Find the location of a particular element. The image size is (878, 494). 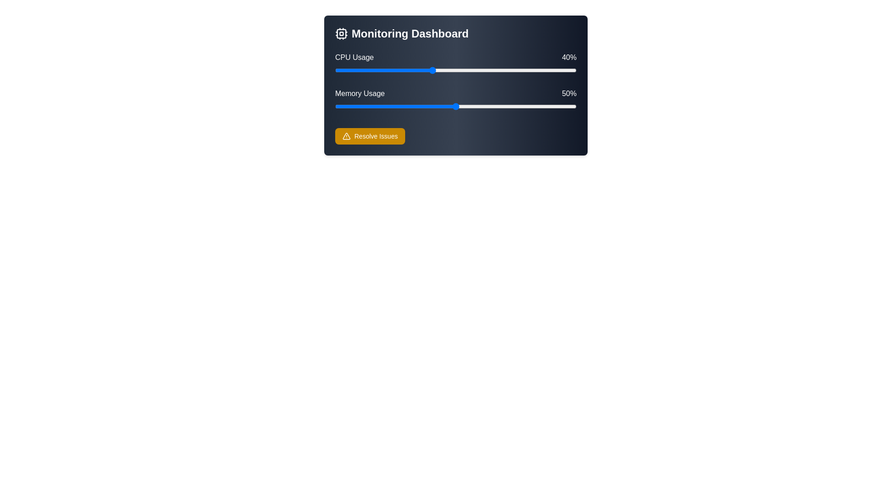

CPU usage is located at coordinates (393, 70).